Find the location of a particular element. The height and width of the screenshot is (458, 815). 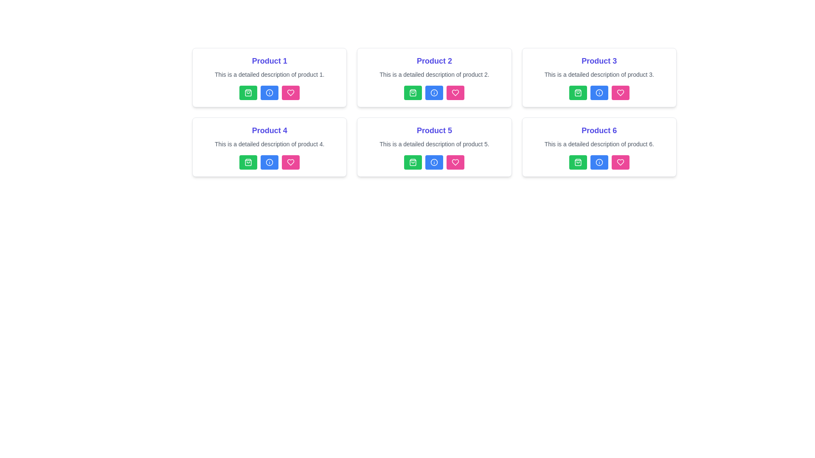

the heart icon button representing the favorite action is located at coordinates (455, 93).